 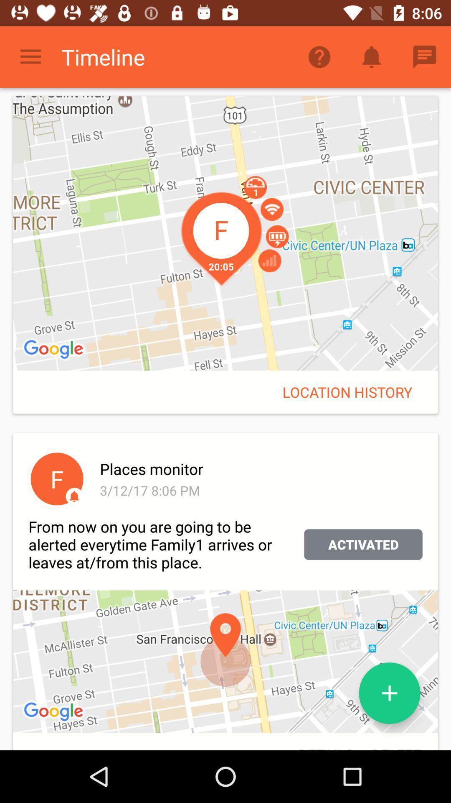 I want to click on the add icon, so click(x=390, y=693).